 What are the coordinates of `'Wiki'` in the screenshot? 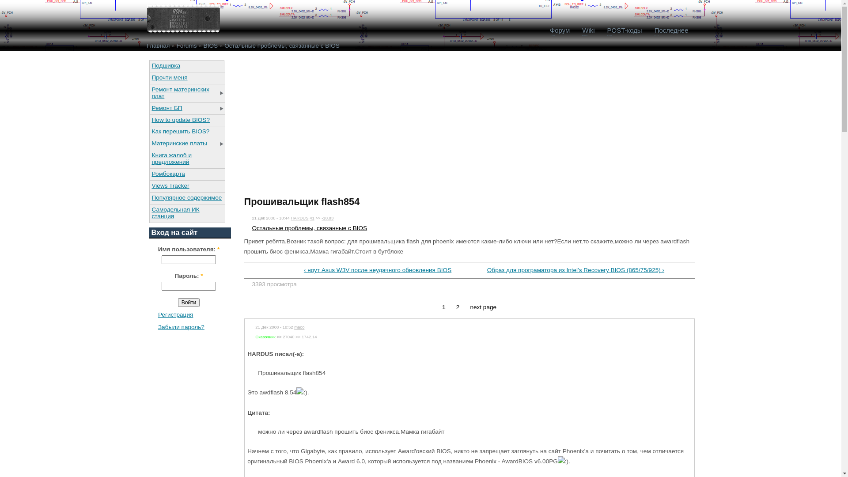 It's located at (588, 30).